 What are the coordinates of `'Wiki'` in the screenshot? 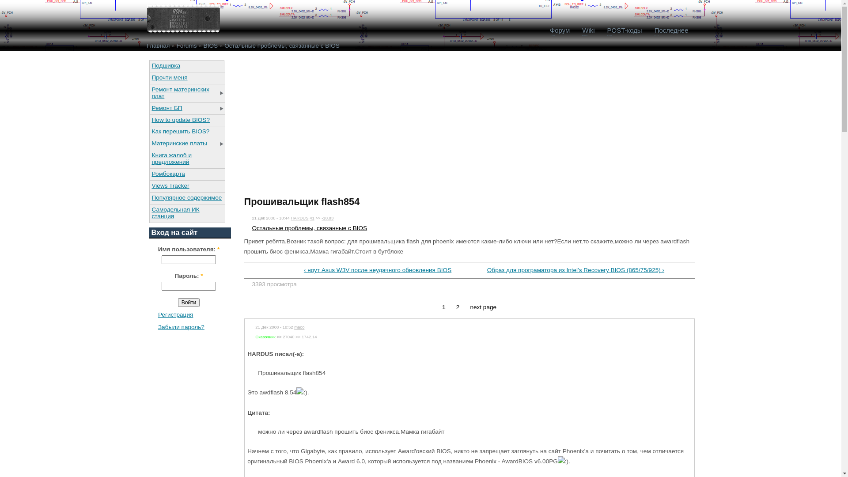 It's located at (588, 30).